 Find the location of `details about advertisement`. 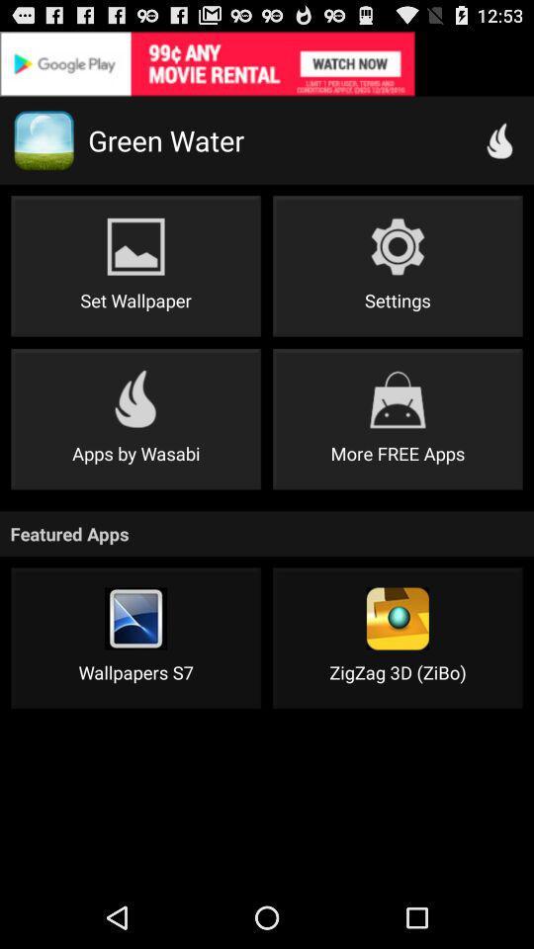

details about advertisement is located at coordinates (267, 63).